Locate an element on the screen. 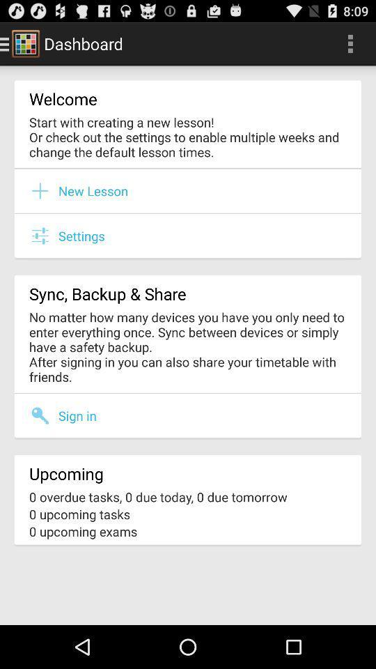  the app to the right of dashboard is located at coordinates (350, 43).